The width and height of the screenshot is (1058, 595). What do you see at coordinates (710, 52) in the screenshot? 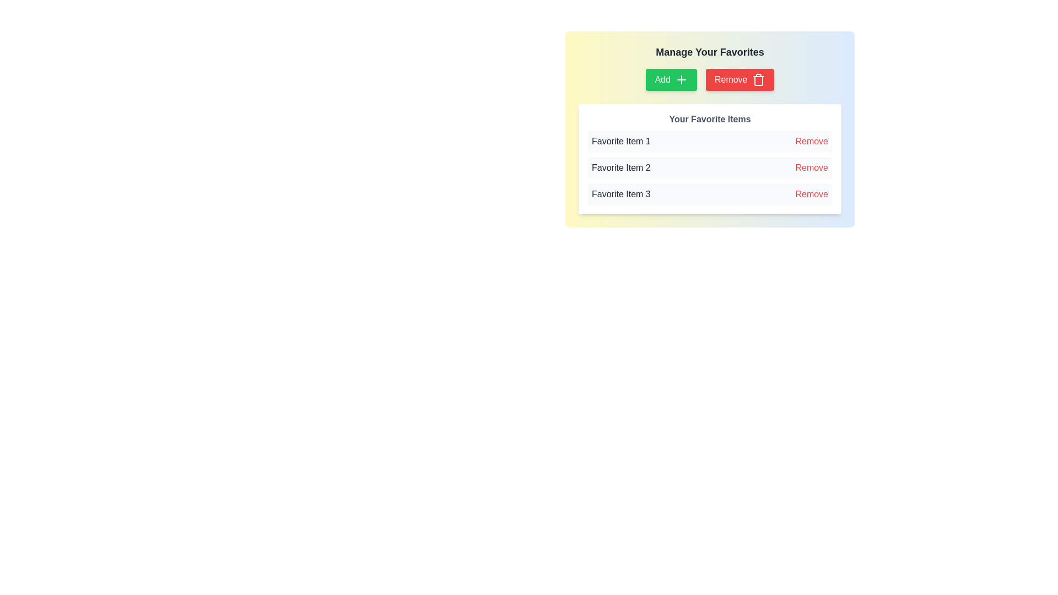
I see `the title Text element that indicates the section's context, located above the 'Add' and 'Remove' buttons` at bounding box center [710, 52].